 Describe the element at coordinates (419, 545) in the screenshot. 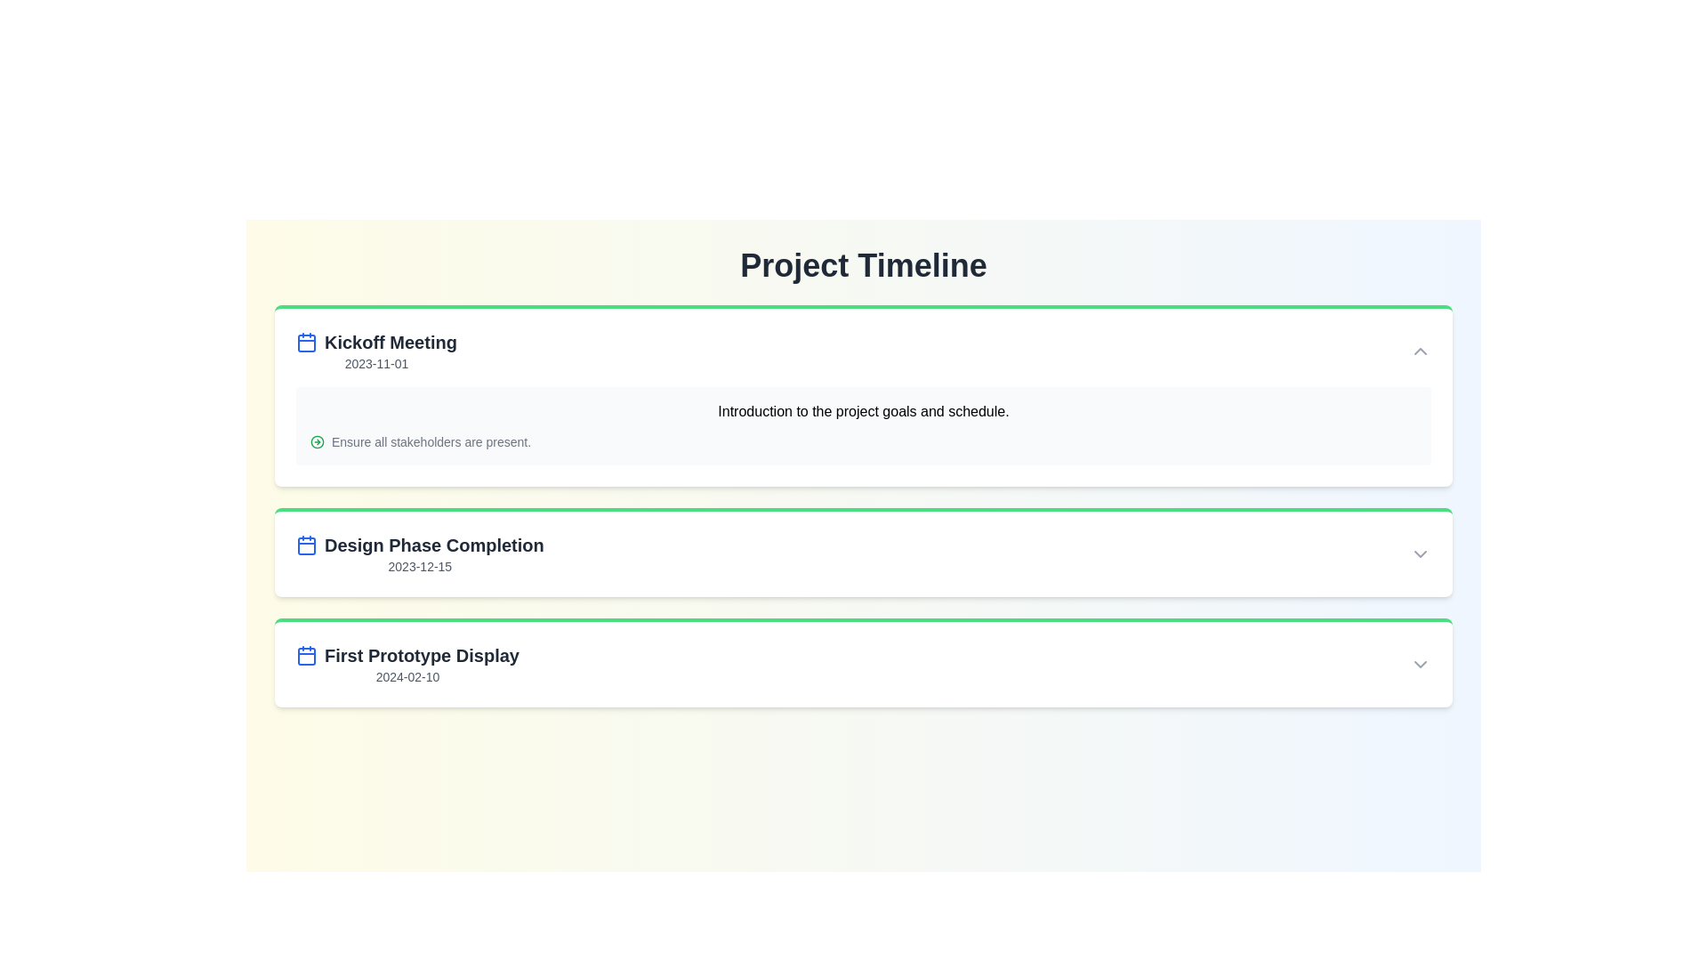

I see `text label displaying 'Design Phase Completion', which is prominently styled and located below the 'Kickoff Meeting' section` at that location.